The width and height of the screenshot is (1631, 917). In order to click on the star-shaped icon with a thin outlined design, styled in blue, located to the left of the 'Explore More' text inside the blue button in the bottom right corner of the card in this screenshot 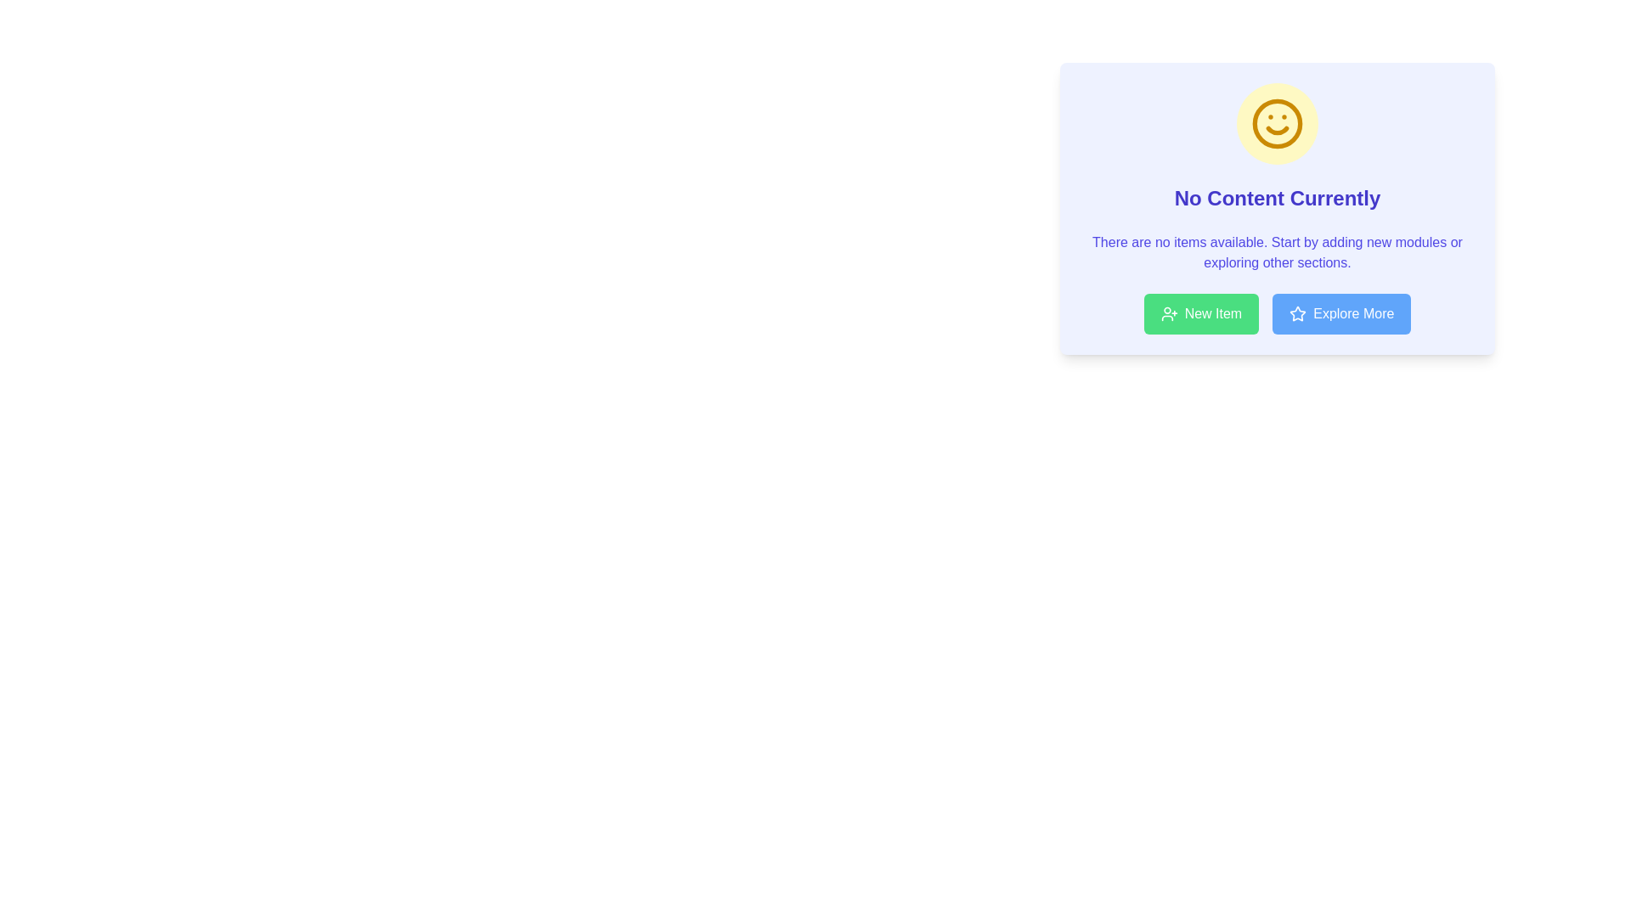, I will do `click(1297, 314)`.